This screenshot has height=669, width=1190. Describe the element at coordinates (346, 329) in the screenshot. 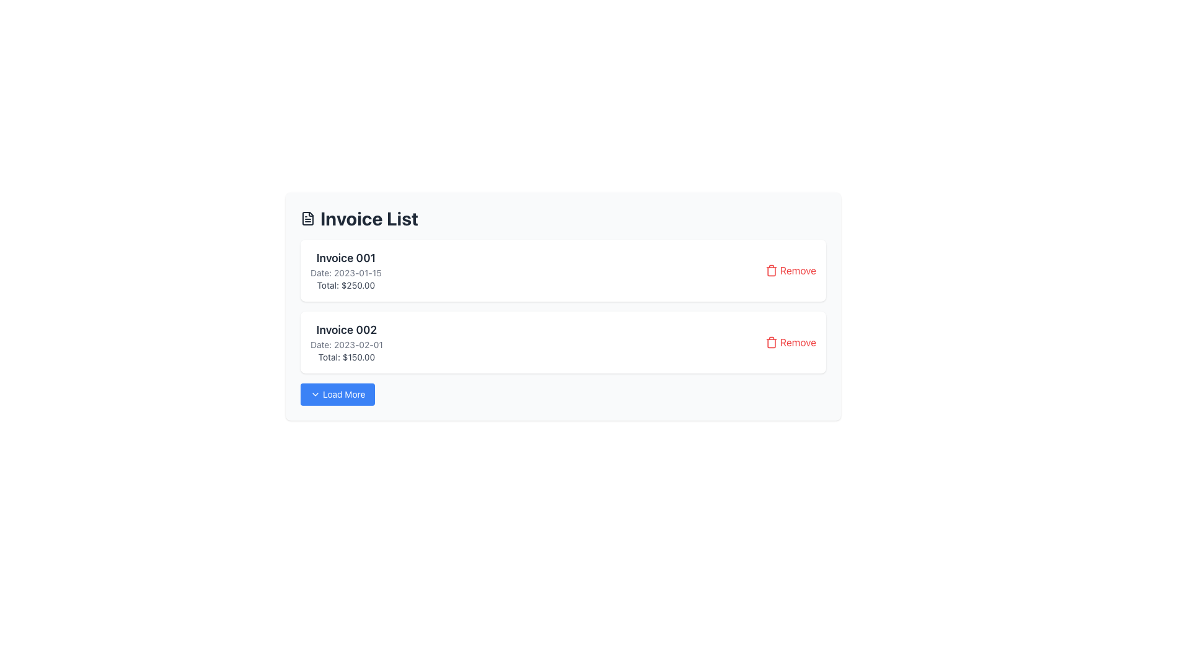

I see `the text label displaying 'Invoice 002', which is a bold and larger font indicating it is a title, positioned at the top of its grouping above the 'Date' and 'Total' details` at that location.